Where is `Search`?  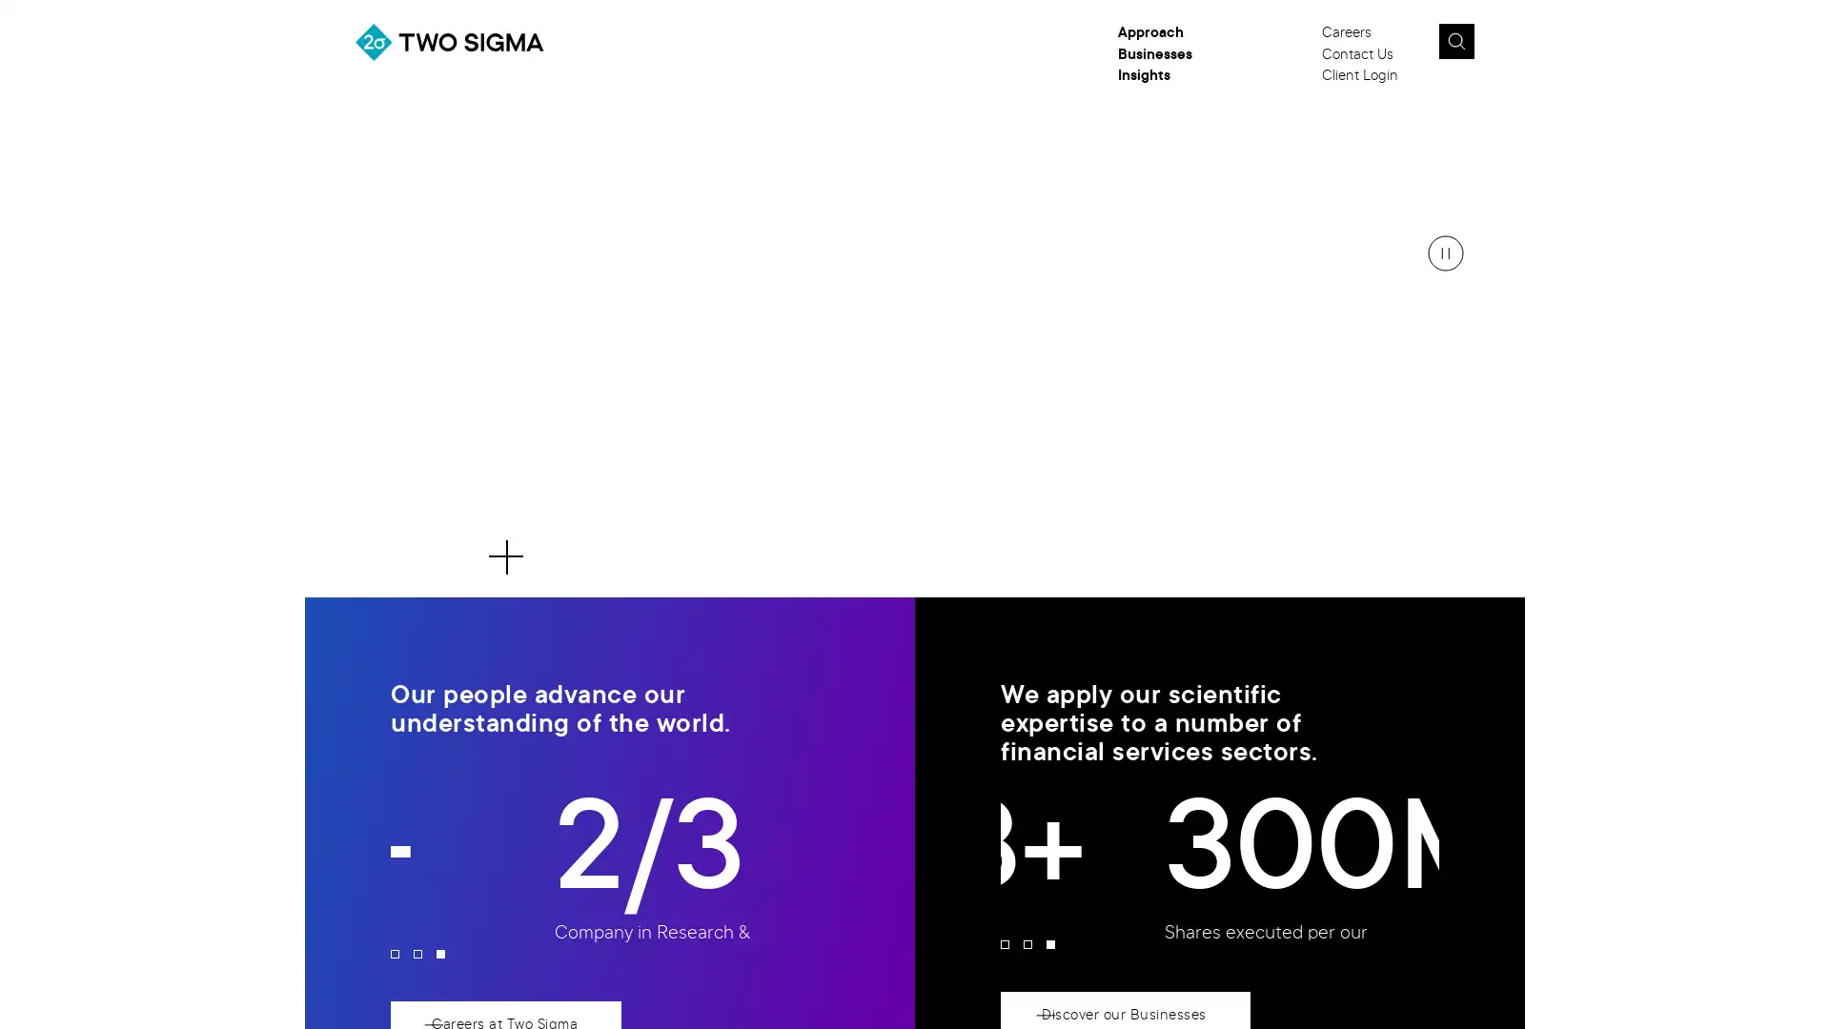
Search is located at coordinates (1499, 47).